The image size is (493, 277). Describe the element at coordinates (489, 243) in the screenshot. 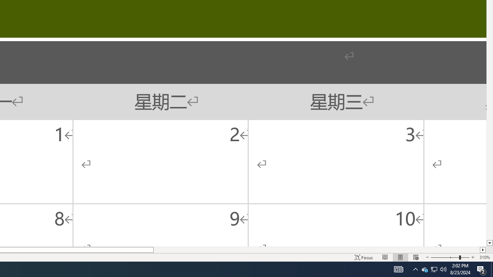

I see `'Line down'` at that location.